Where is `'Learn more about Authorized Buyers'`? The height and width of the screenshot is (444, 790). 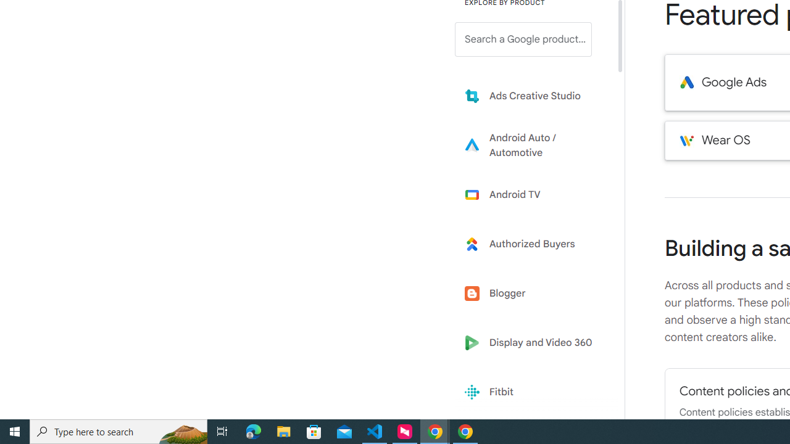 'Learn more about Authorized Buyers' is located at coordinates (532, 244).